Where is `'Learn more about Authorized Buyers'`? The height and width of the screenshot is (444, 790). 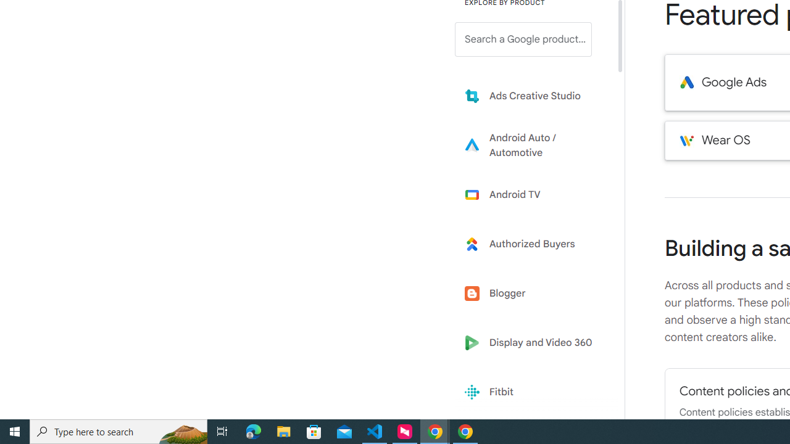 'Learn more about Authorized Buyers' is located at coordinates (532, 244).